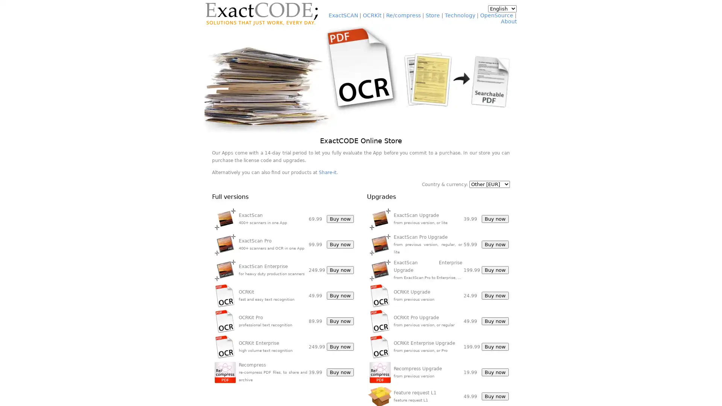  I want to click on Buy now, so click(494, 321).